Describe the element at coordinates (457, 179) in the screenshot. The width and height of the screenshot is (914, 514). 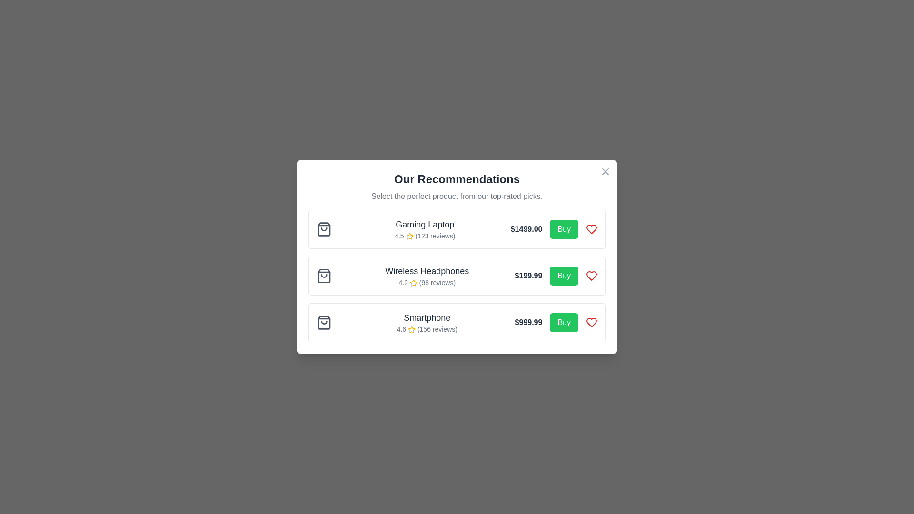
I see `the section heading text label that indicates the context for the recommended products below it` at that location.